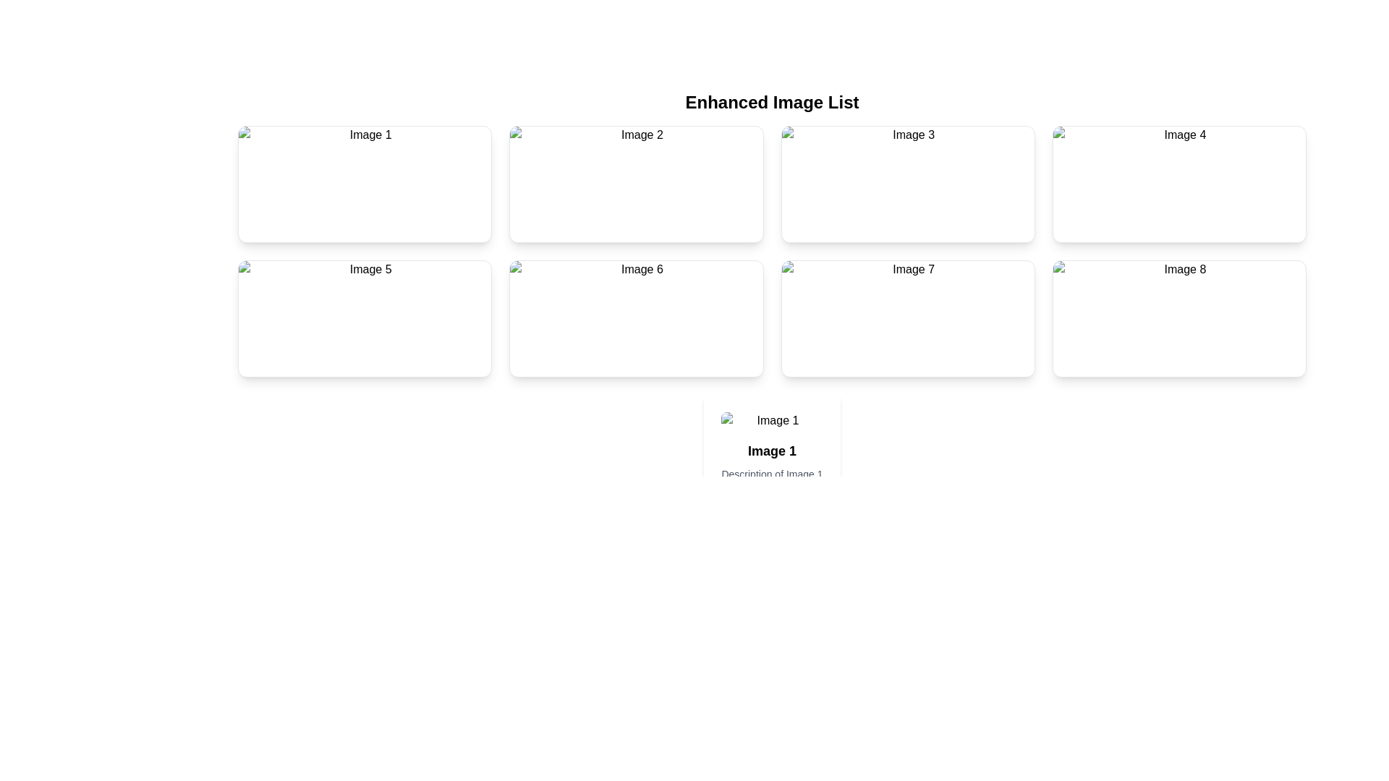 This screenshot has height=781, width=1389. Describe the element at coordinates (907, 317) in the screenshot. I see `the image that serves as a preview or thumbnail for the content in the seventh card of the grid layout, centered in the upper section of the card` at that location.